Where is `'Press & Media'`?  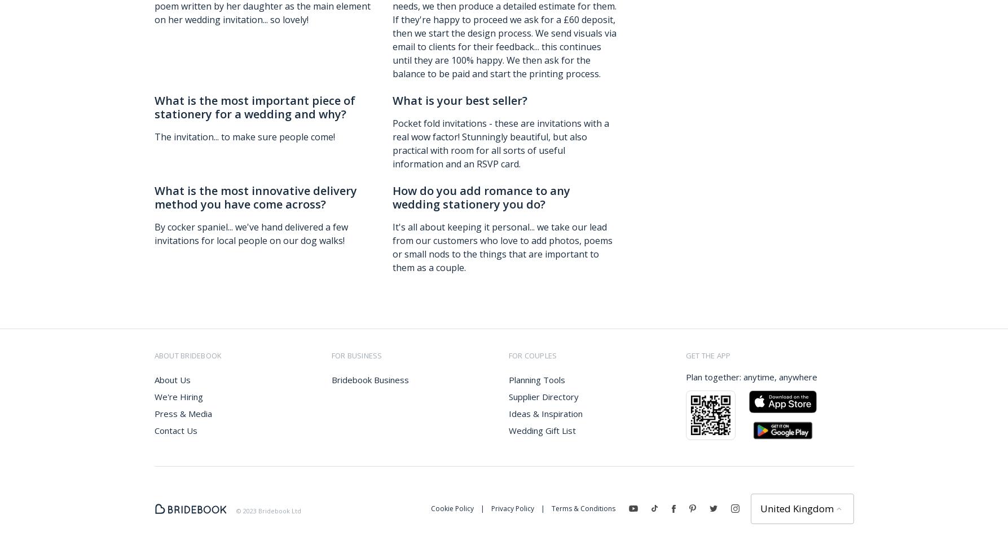
'Press & Media' is located at coordinates (182, 413).